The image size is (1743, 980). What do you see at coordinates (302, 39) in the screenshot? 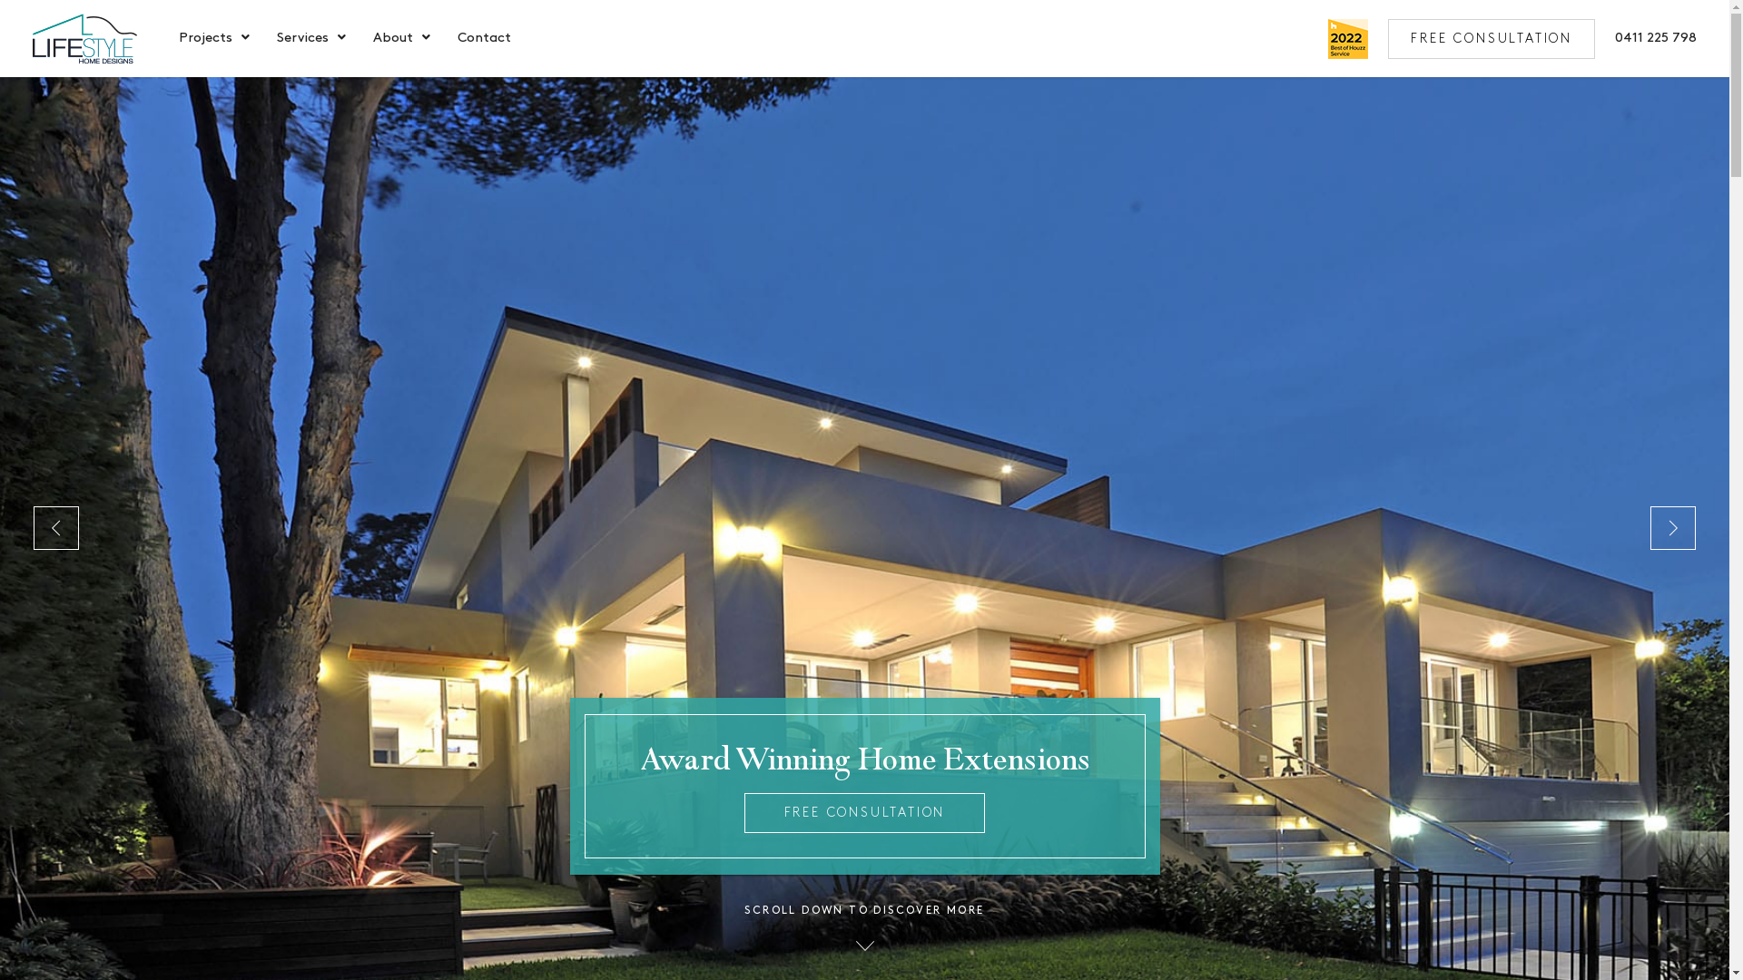
I see `'Services'` at bounding box center [302, 39].